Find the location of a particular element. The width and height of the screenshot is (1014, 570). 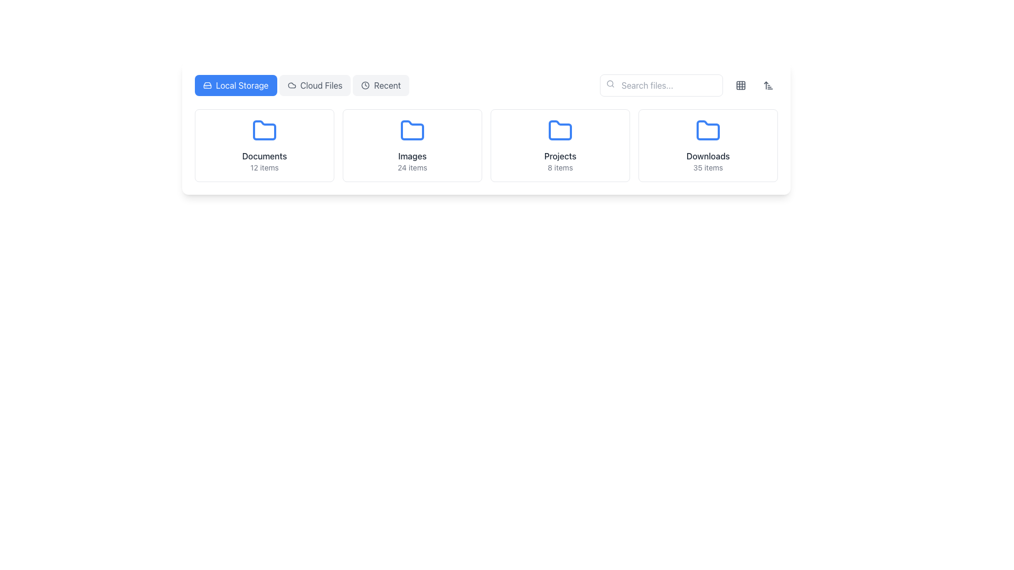

the static text label displaying '24 items' in a small gray font, located beneath the 'Images' folder icon is located at coordinates (412, 167).